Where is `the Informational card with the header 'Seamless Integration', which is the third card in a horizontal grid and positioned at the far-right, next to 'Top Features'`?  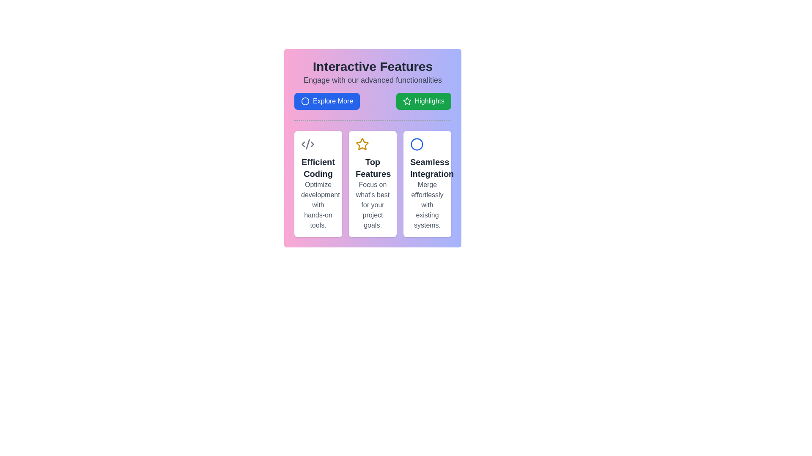
the Informational card with the header 'Seamless Integration', which is the third card in a horizontal grid and positioned at the far-right, next to 'Top Features' is located at coordinates (427, 183).